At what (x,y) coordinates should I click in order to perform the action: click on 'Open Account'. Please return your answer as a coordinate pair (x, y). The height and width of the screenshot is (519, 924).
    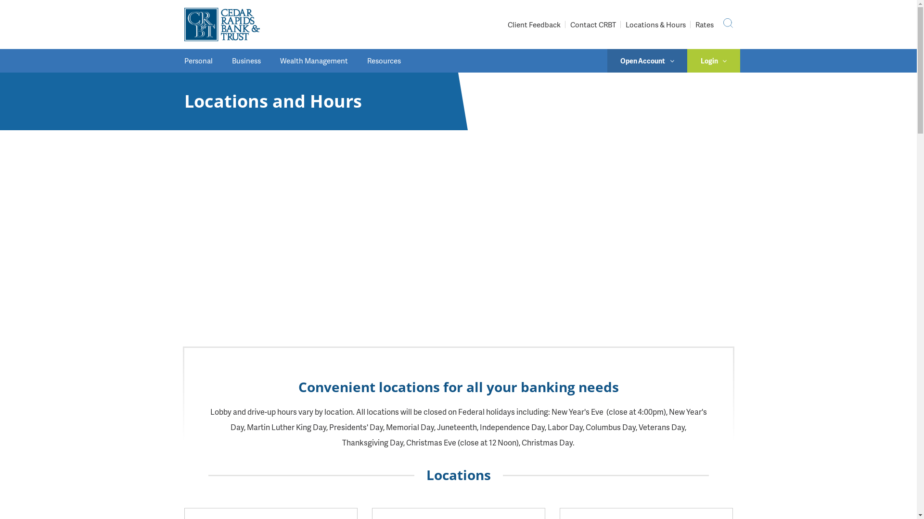
    Looking at the image, I should click on (607, 61).